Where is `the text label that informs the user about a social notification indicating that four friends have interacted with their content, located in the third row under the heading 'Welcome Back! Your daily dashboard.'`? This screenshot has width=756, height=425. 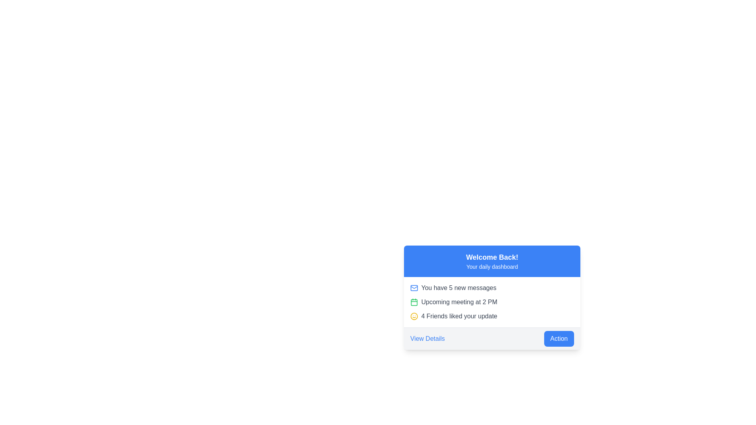
the text label that informs the user about a social notification indicating that four friends have interacted with their content, located in the third row under the heading 'Welcome Back! Your daily dashboard.' is located at coordinates (459, 316).